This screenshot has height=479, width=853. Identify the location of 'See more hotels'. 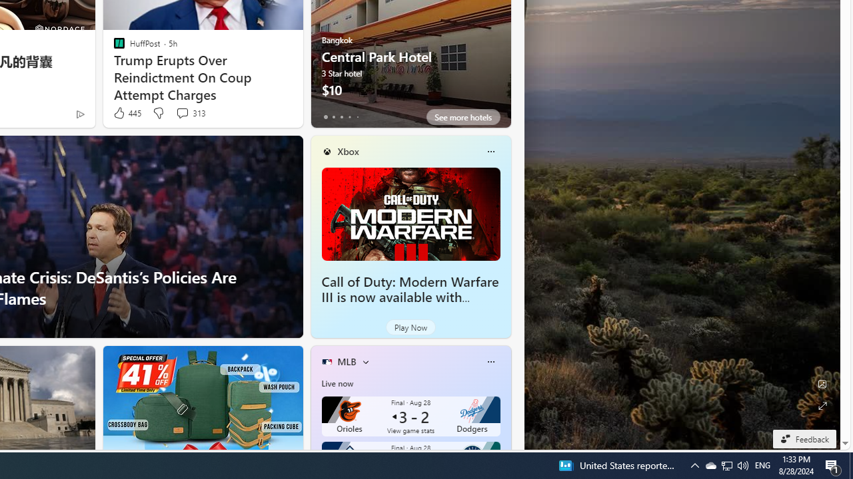
(463, 116).